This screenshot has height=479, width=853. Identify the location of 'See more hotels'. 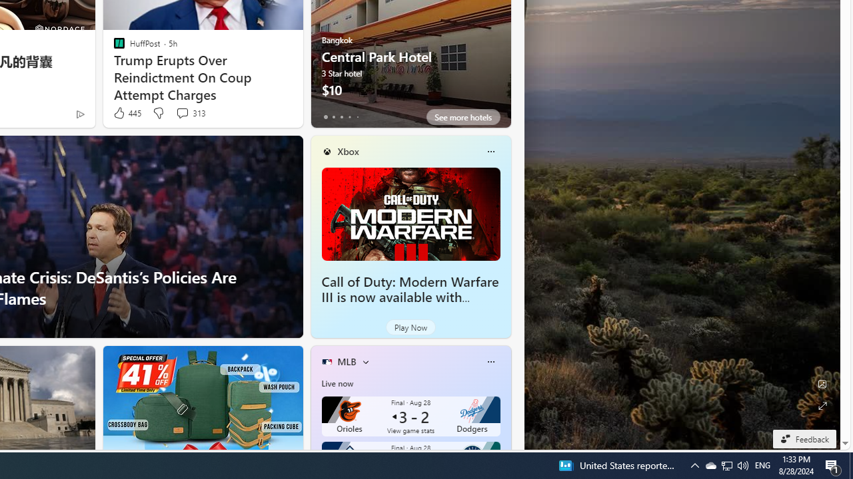
(463, 116).